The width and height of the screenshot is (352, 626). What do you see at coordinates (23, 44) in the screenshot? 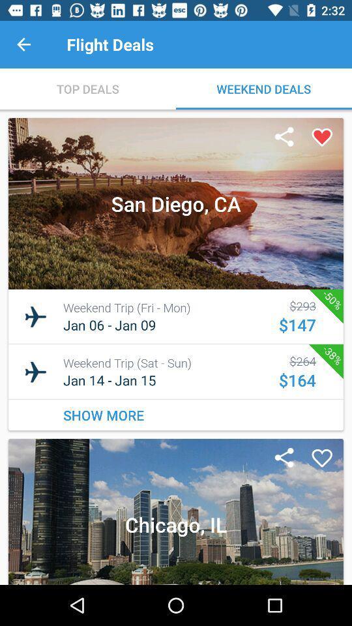
I see `click arrow to go to previous page or screen` at bounding box center [23, 44].